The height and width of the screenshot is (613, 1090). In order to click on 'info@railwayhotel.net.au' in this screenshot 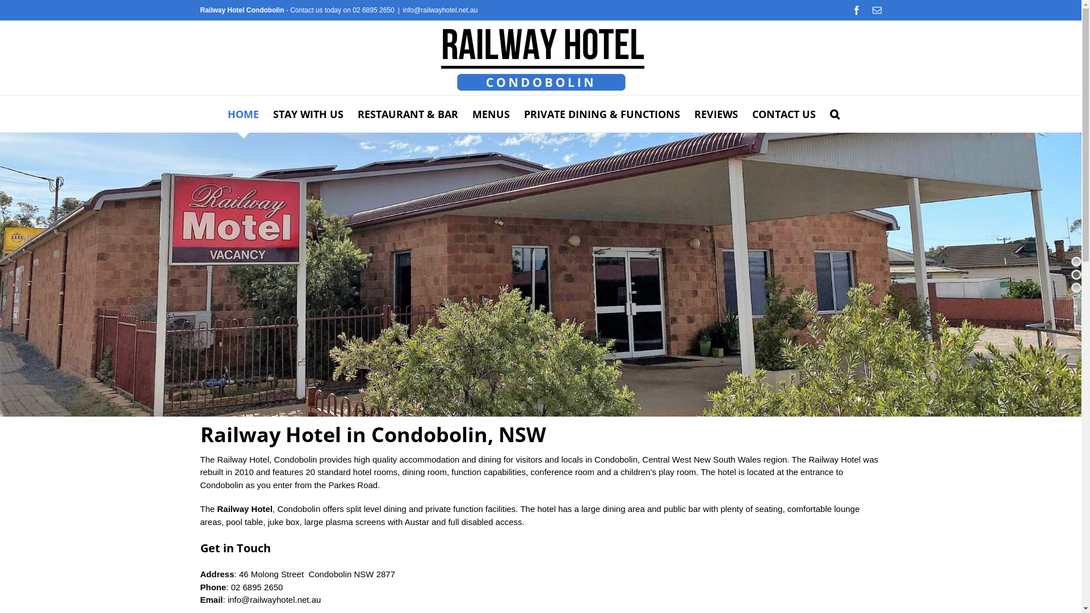, I will do `click(440, 10)`.